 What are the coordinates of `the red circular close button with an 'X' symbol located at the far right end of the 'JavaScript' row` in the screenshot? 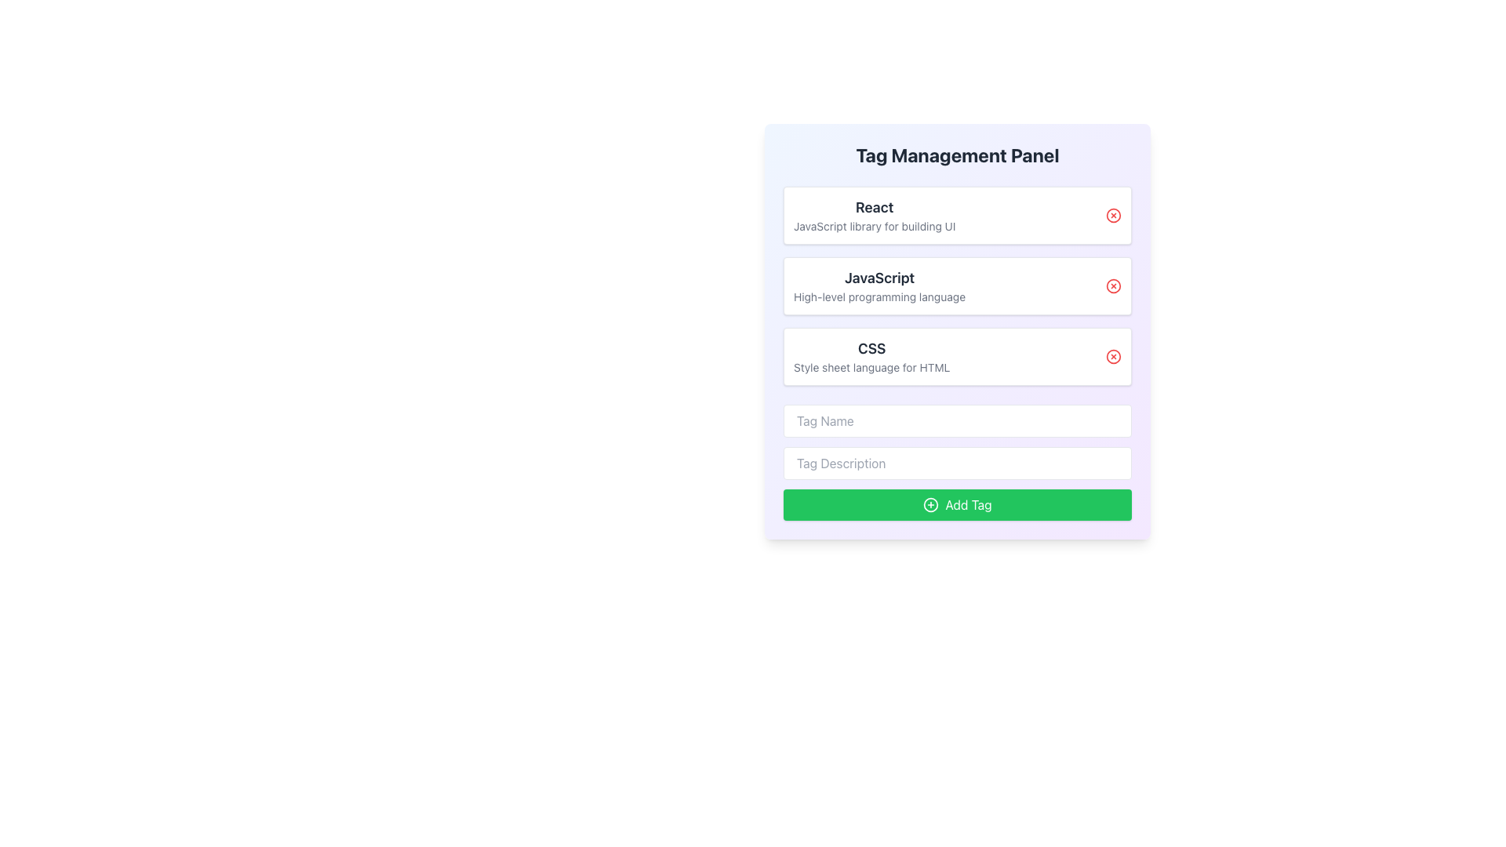 It's located at (1113, 286).